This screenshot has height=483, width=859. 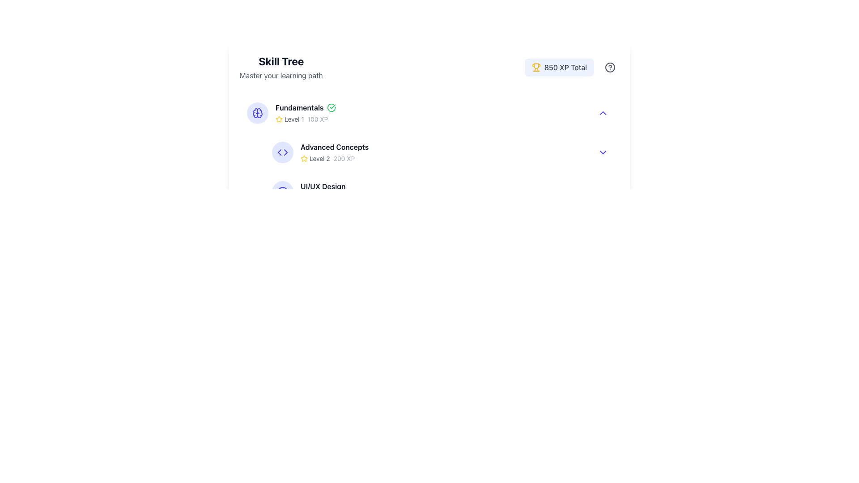 What do you see at coordinates (603, 113) in the screenshot?
I see `the upward-pointing chevron icon button located on the right-hand side of the row labeled 'Fundamentals Level 1 100 XP'` at bounding box center [603, 113].